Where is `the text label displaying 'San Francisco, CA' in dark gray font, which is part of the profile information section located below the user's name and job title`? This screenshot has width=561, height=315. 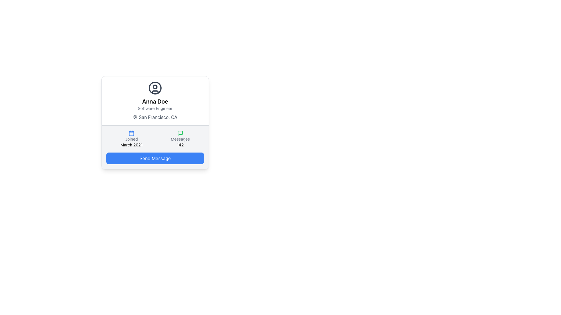 the text label displaying 'San Francisco, CA' in dark gray font, which is part of the profile information section located below the user's name and job title is located at coordinates (158, 117).